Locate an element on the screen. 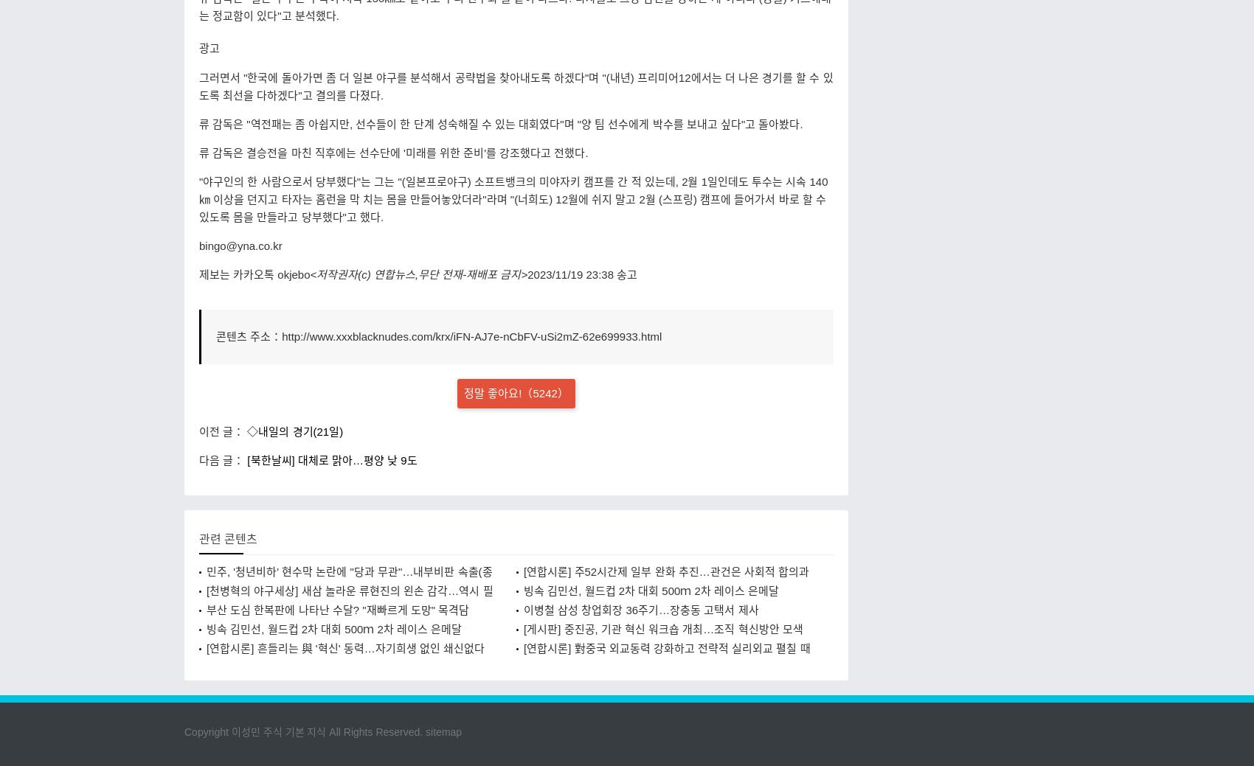 Image resolution: width=1254 pixels, height=766 pixels. '제보는 카카오톡 okjebo' is located at coordinates (253, 273).